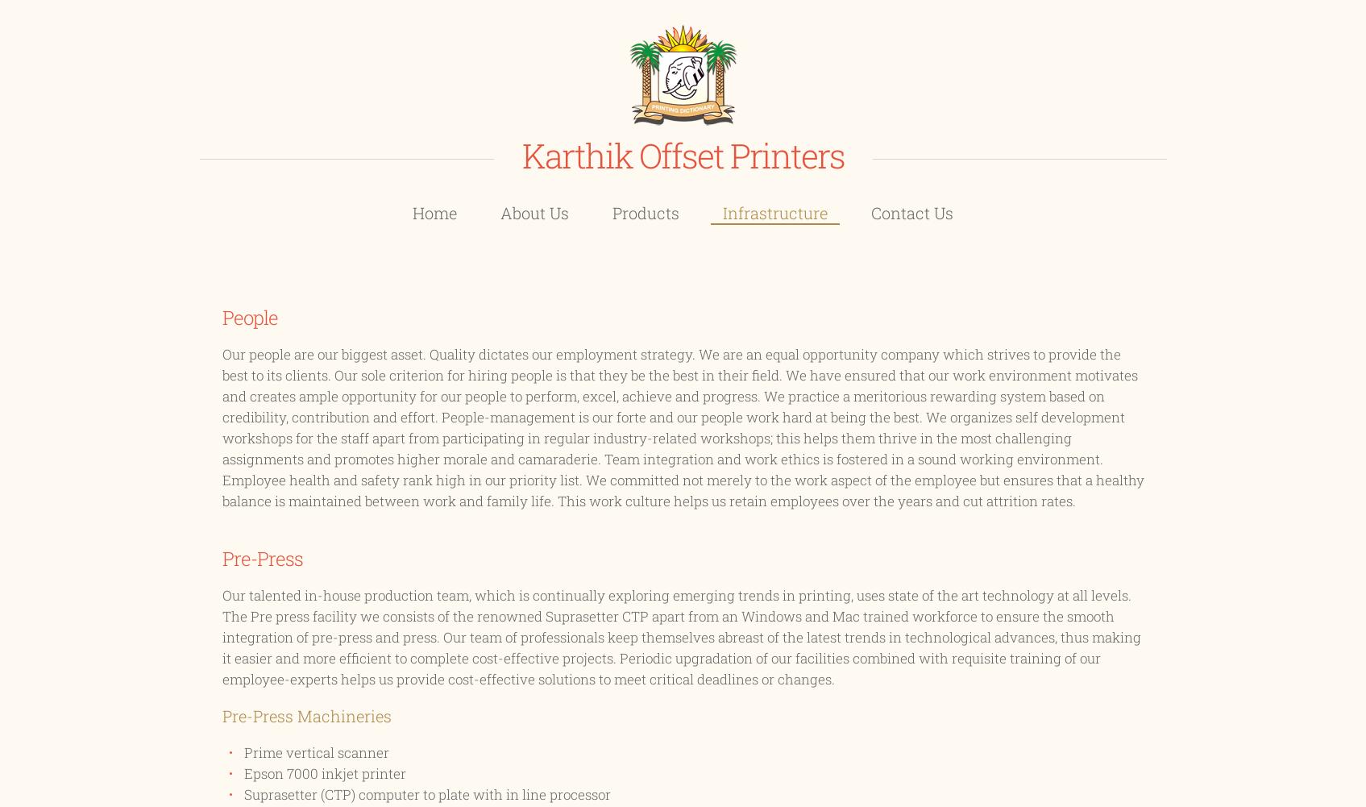 This screenshot has width=1366, height=807. Describe the element at coordinates (682, 155) in the screenshot. I see `'Karthik Offset Printers'` at that location.